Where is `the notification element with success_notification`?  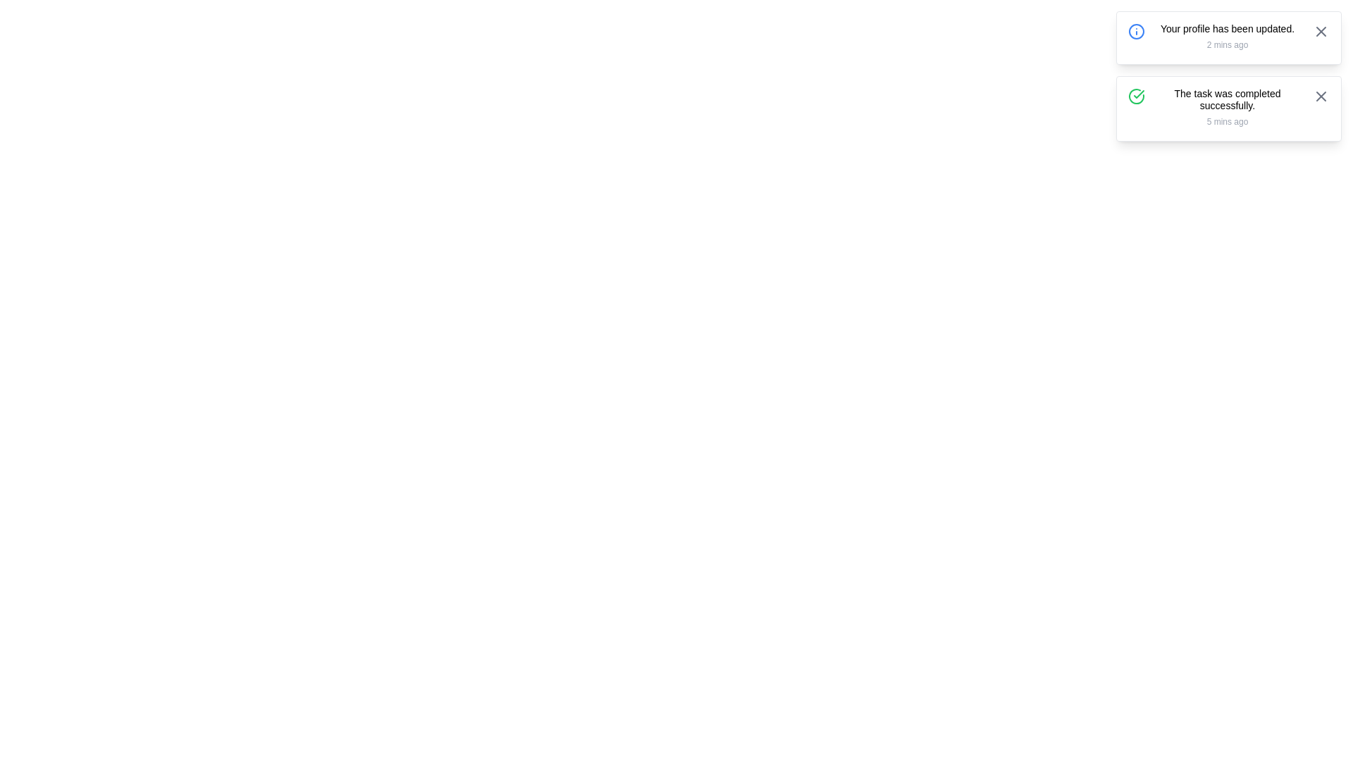
the notification element with success_notification is located at coordinates (1228, 108).